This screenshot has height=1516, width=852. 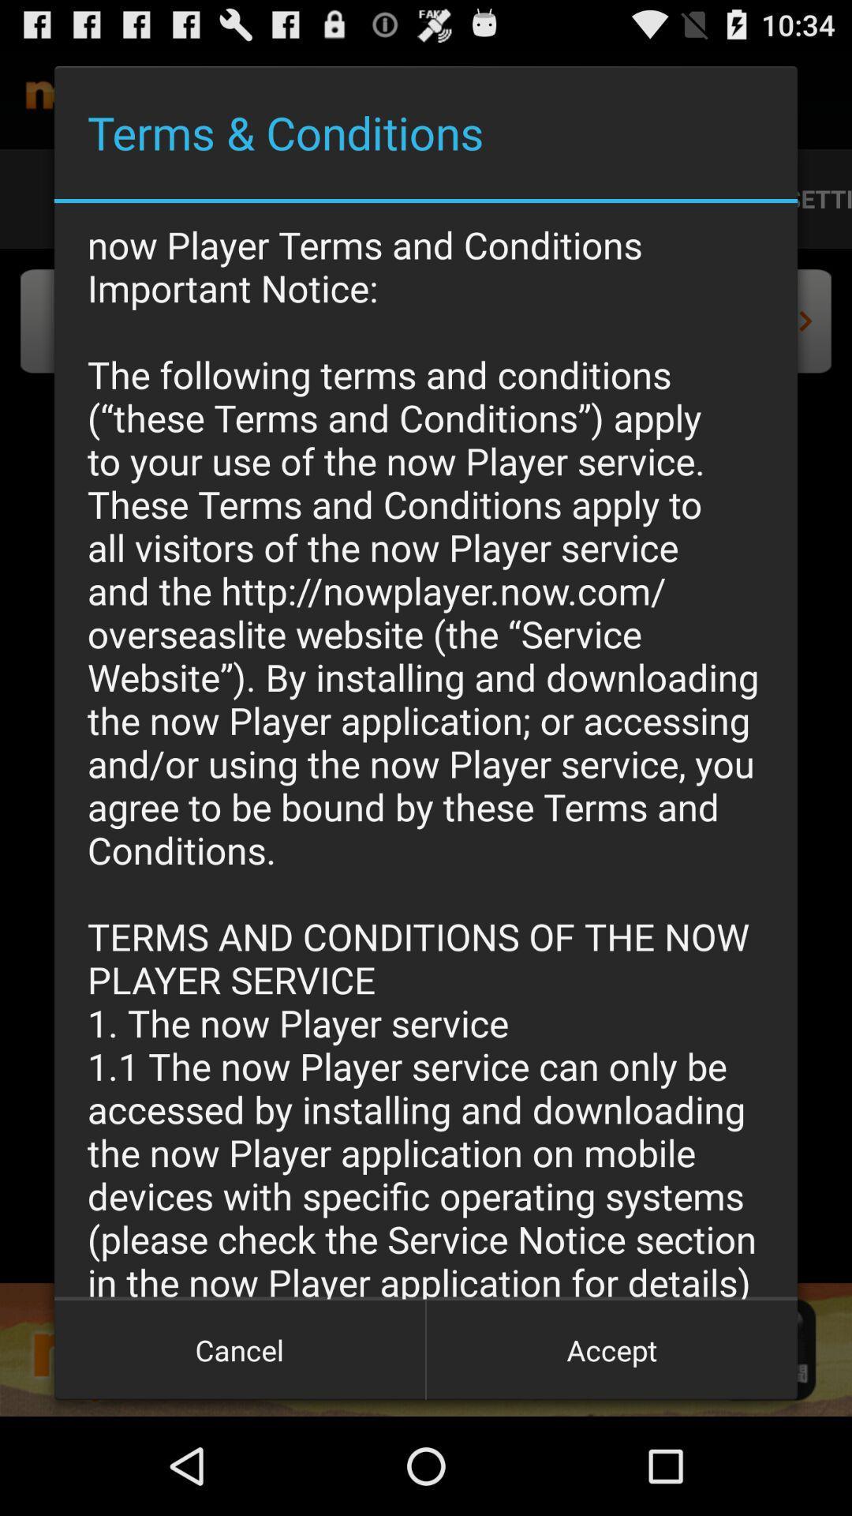 I want to click on accept, so click(x=611, y=1349).